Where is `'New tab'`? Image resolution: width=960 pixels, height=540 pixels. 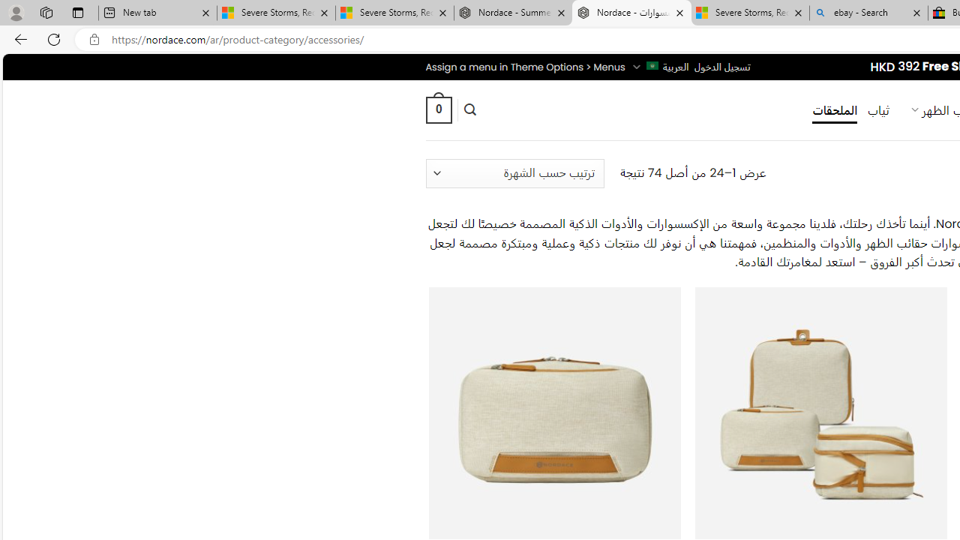 'New tab' is located at coordinates (157, 13).